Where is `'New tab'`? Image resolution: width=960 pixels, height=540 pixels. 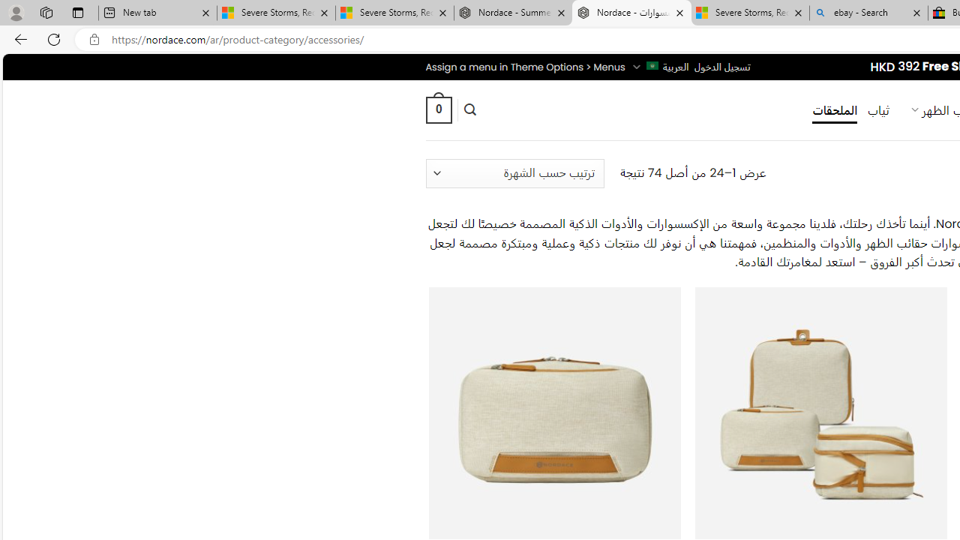 'New tab' is located at coordinates (157, 13).